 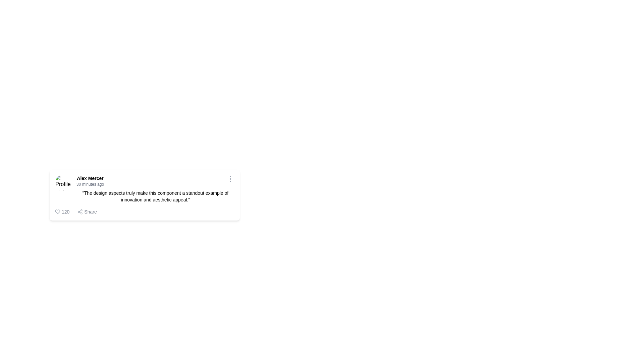 What do you see at coordinates (90, 181) in the screenshot?
I see `the bold user name 'Alex Mercer'` at bounding box center [90, 181].